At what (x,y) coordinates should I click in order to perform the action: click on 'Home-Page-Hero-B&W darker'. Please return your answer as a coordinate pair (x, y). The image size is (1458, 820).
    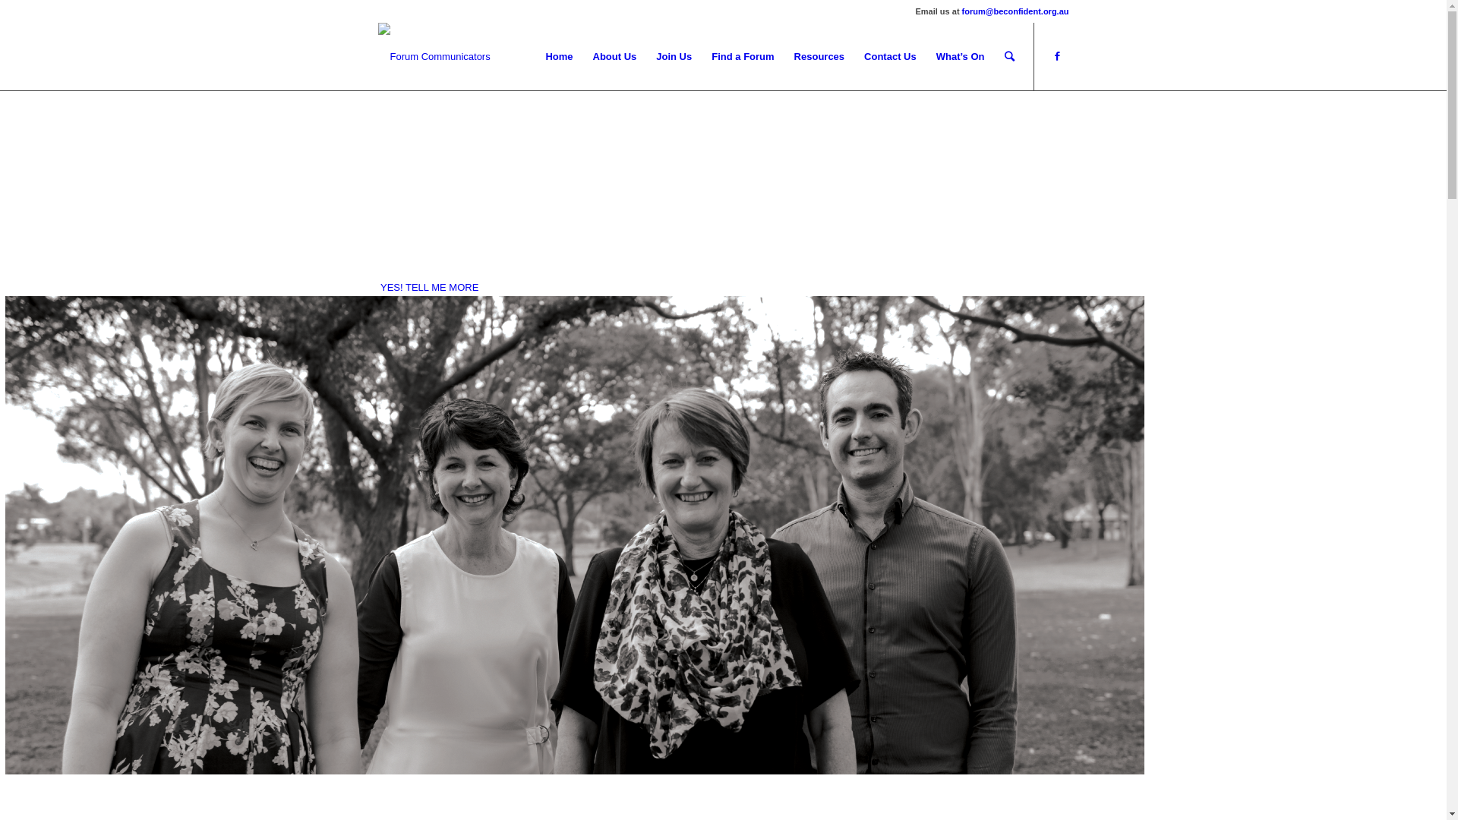
    Looking at the image, I should click on (5, 535).